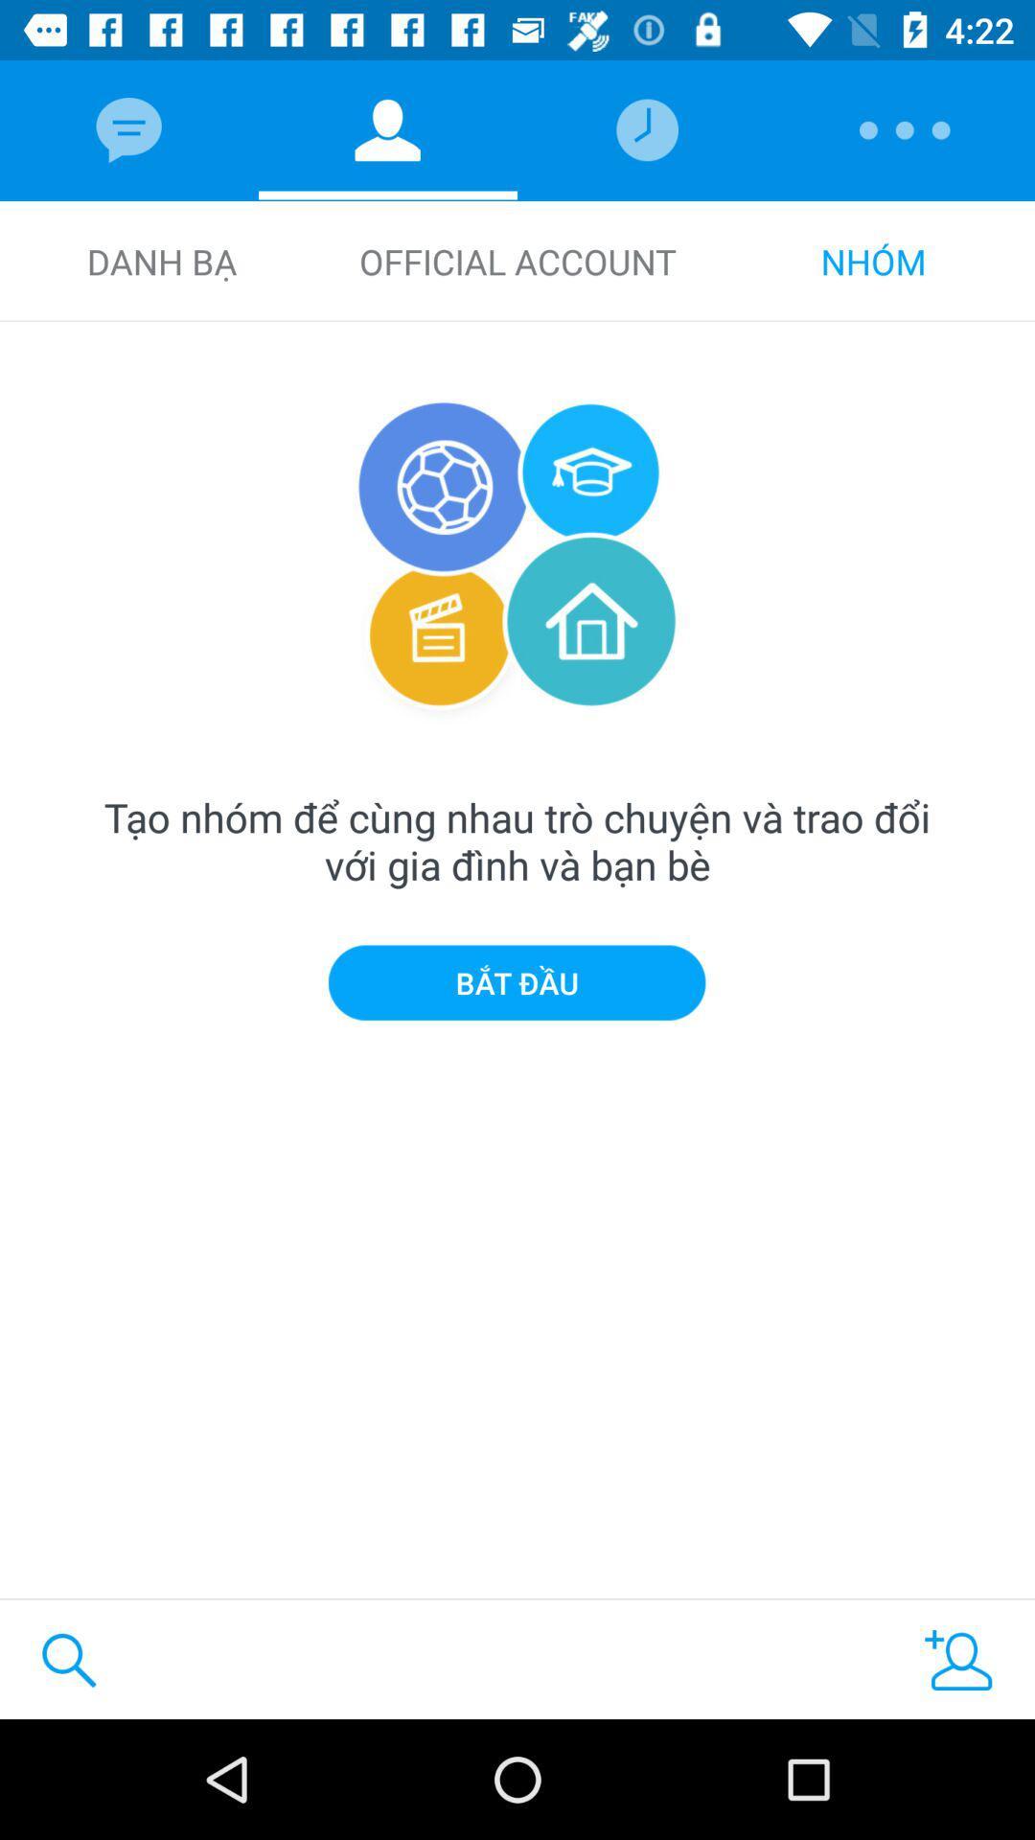 The image size is (1035, 1840). What do you see at coordinates (517, 261) in the screenshot?
I see `official account` at bounding box center [517, 261].